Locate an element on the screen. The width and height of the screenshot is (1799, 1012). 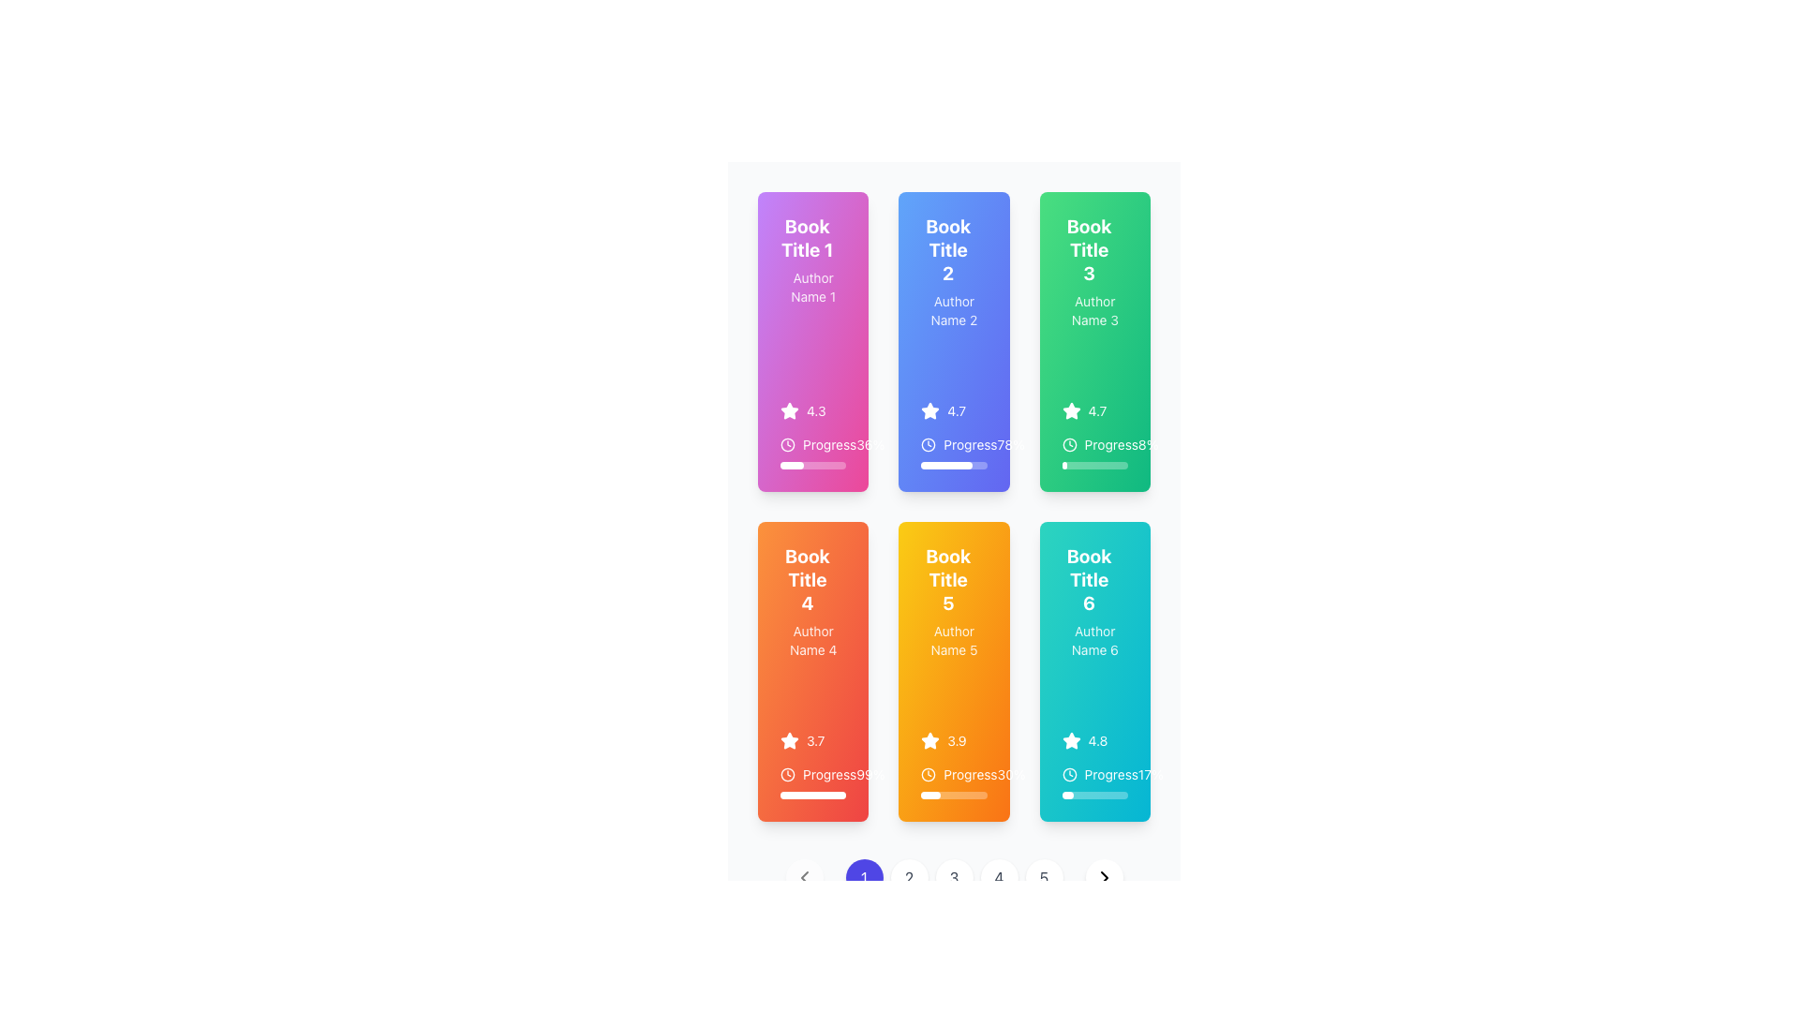
the text label that serves as the primary title for the card identifying 'Book Title 4', located in the second column of the second row in a grid layout is located at coordinates (813, 582).